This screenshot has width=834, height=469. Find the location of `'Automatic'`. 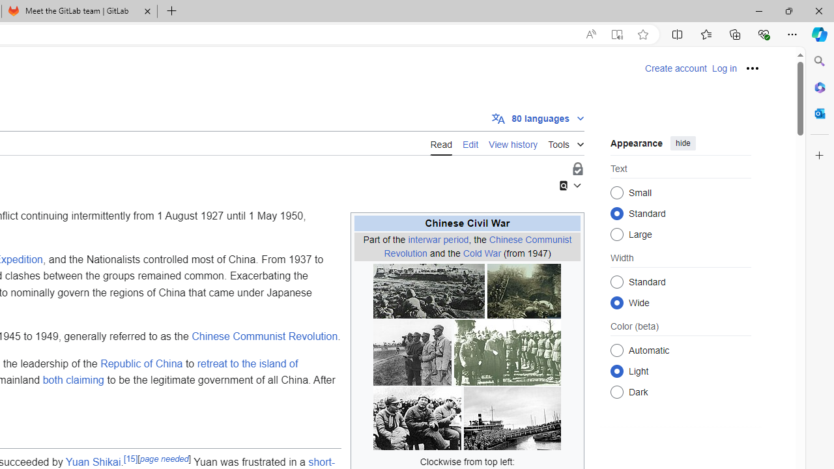

'Automatic' is located at coordinates (616, 349).